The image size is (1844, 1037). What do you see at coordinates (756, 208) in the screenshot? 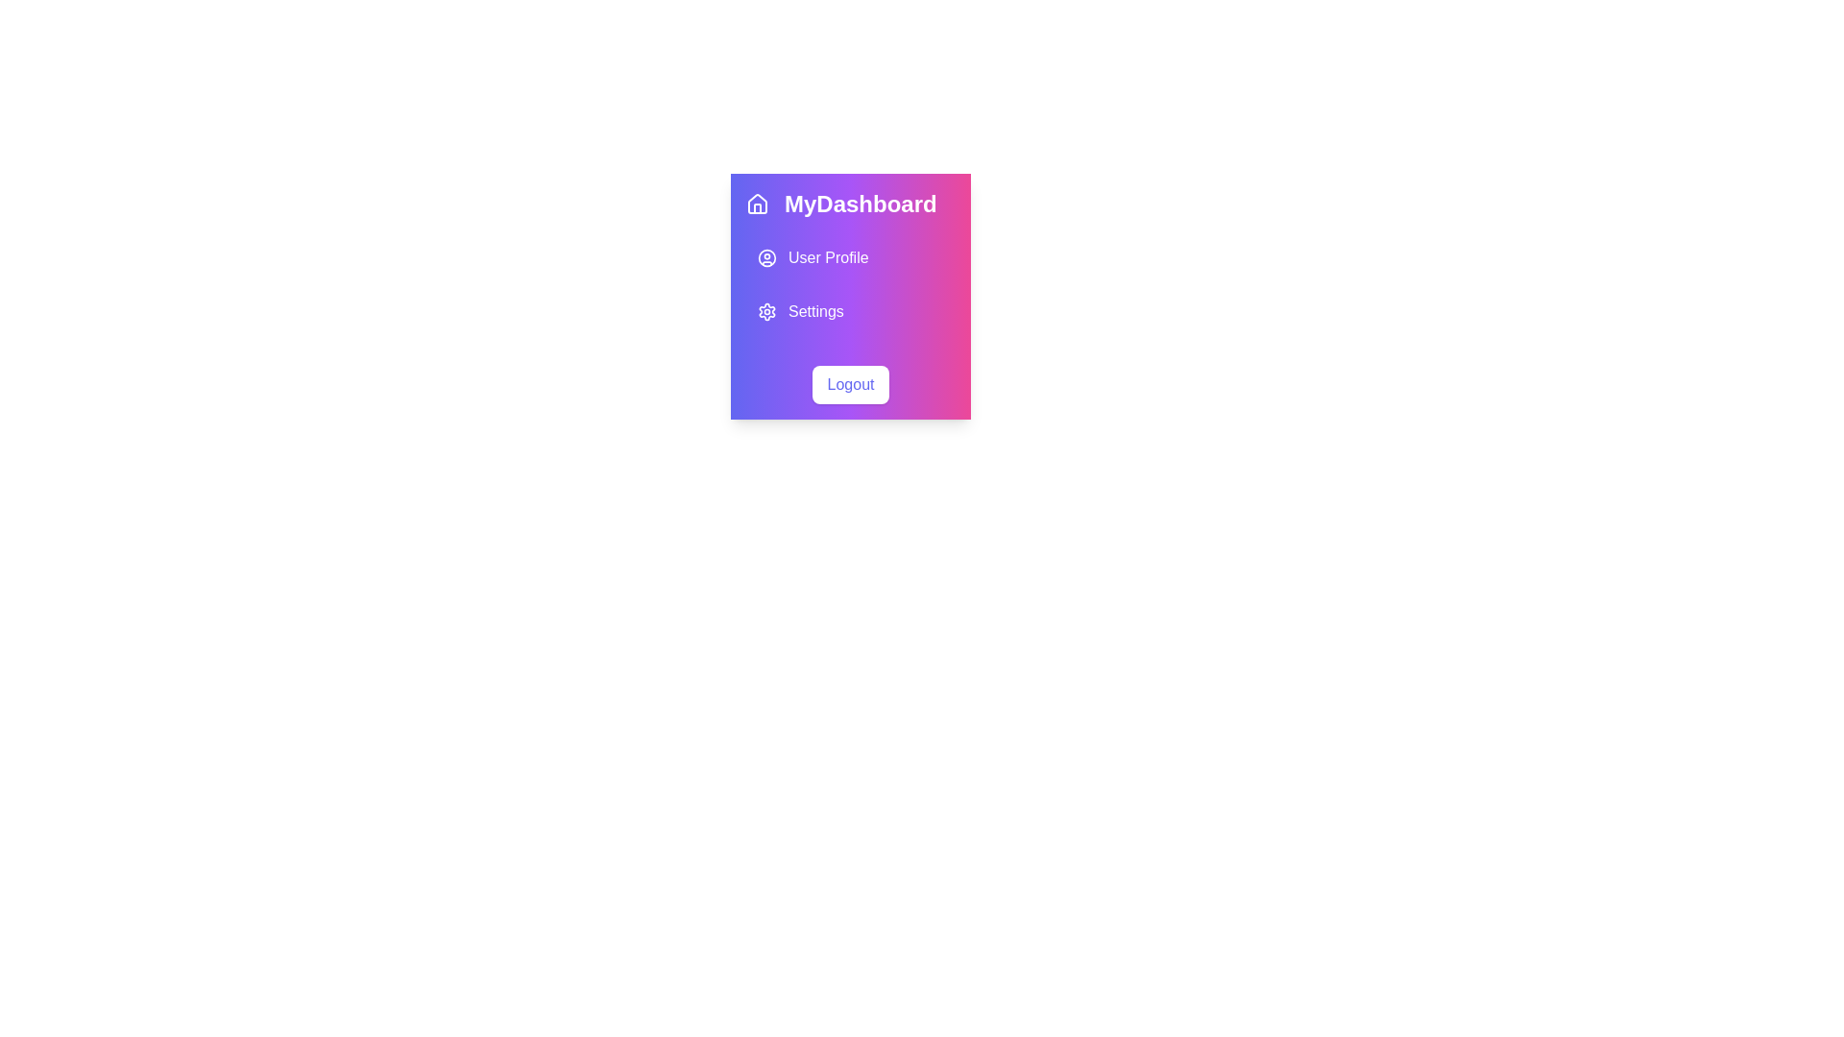
I see `the door element of the house icon represented by a vertical rectangle in the SVG, if it is interactive` at bounding box center [756, 208].